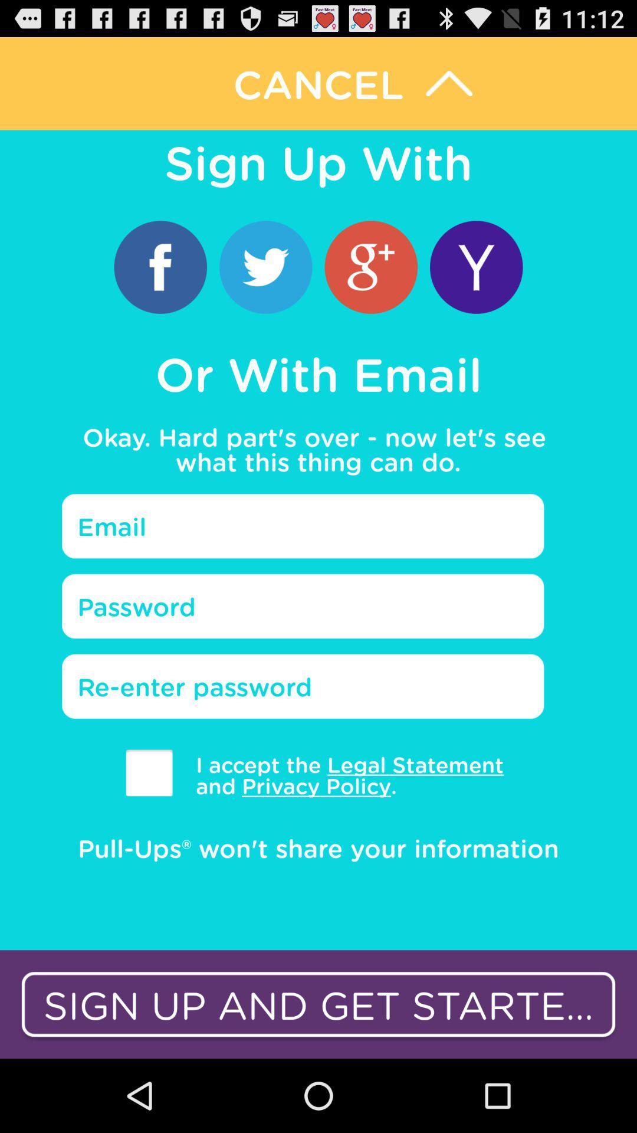  I want to click on app above or with email item, so click(370, 266).